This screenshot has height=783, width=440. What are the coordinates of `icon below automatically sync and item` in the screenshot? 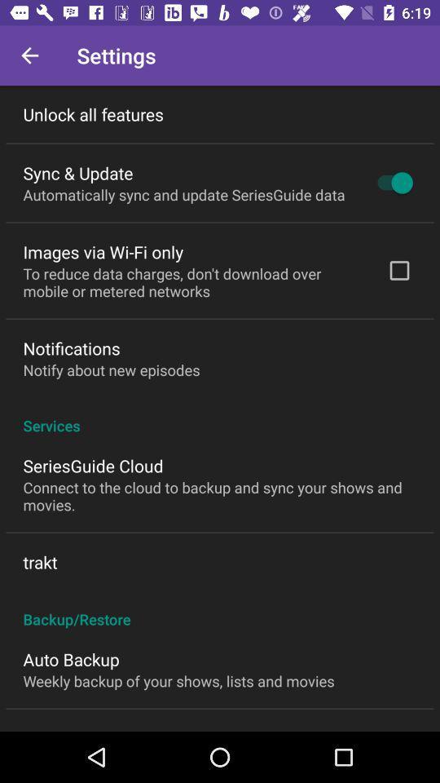 It's located at (103, 252).